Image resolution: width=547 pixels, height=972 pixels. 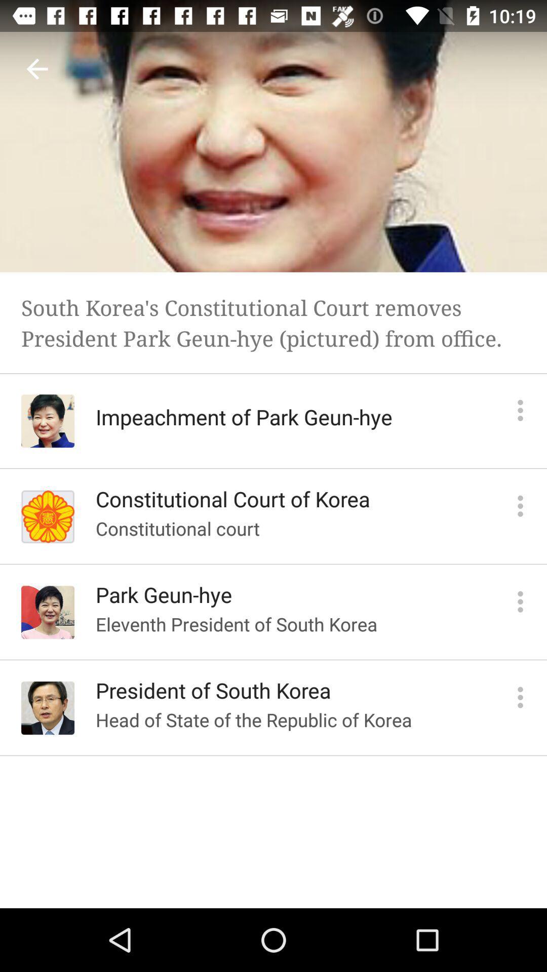 What do you see at coordinates (520, 506) in the screenshot?
I see `more options` at bounding box center [520, 506].